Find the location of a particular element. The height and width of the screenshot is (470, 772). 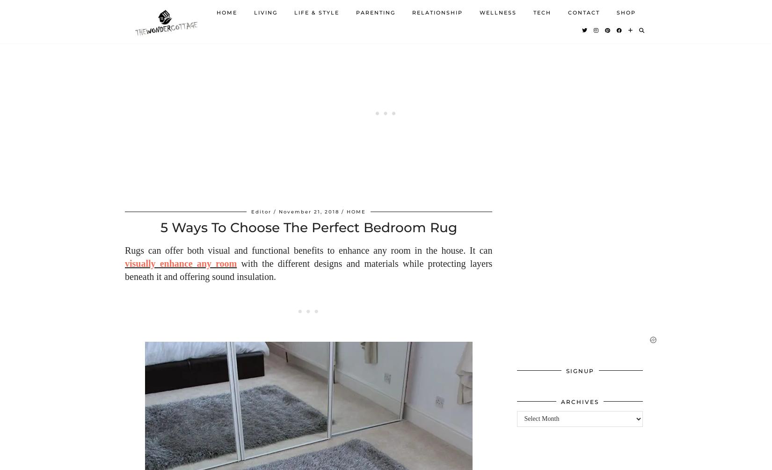

'BEAUTY' is located at coordinates (307, 32).